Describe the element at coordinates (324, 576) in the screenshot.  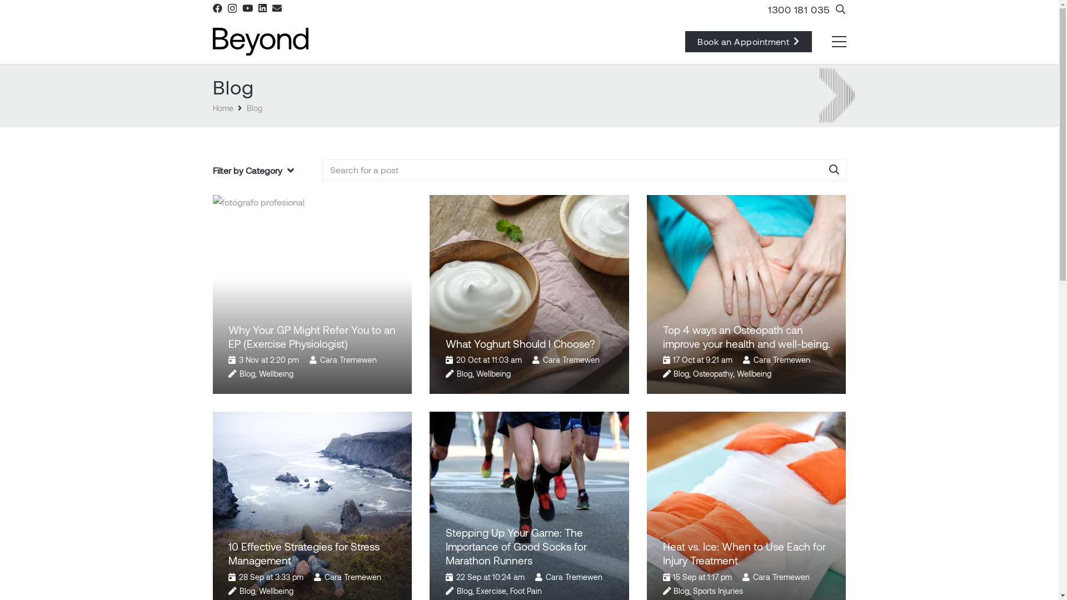
I see `'Cara Tremewen'` at that location.